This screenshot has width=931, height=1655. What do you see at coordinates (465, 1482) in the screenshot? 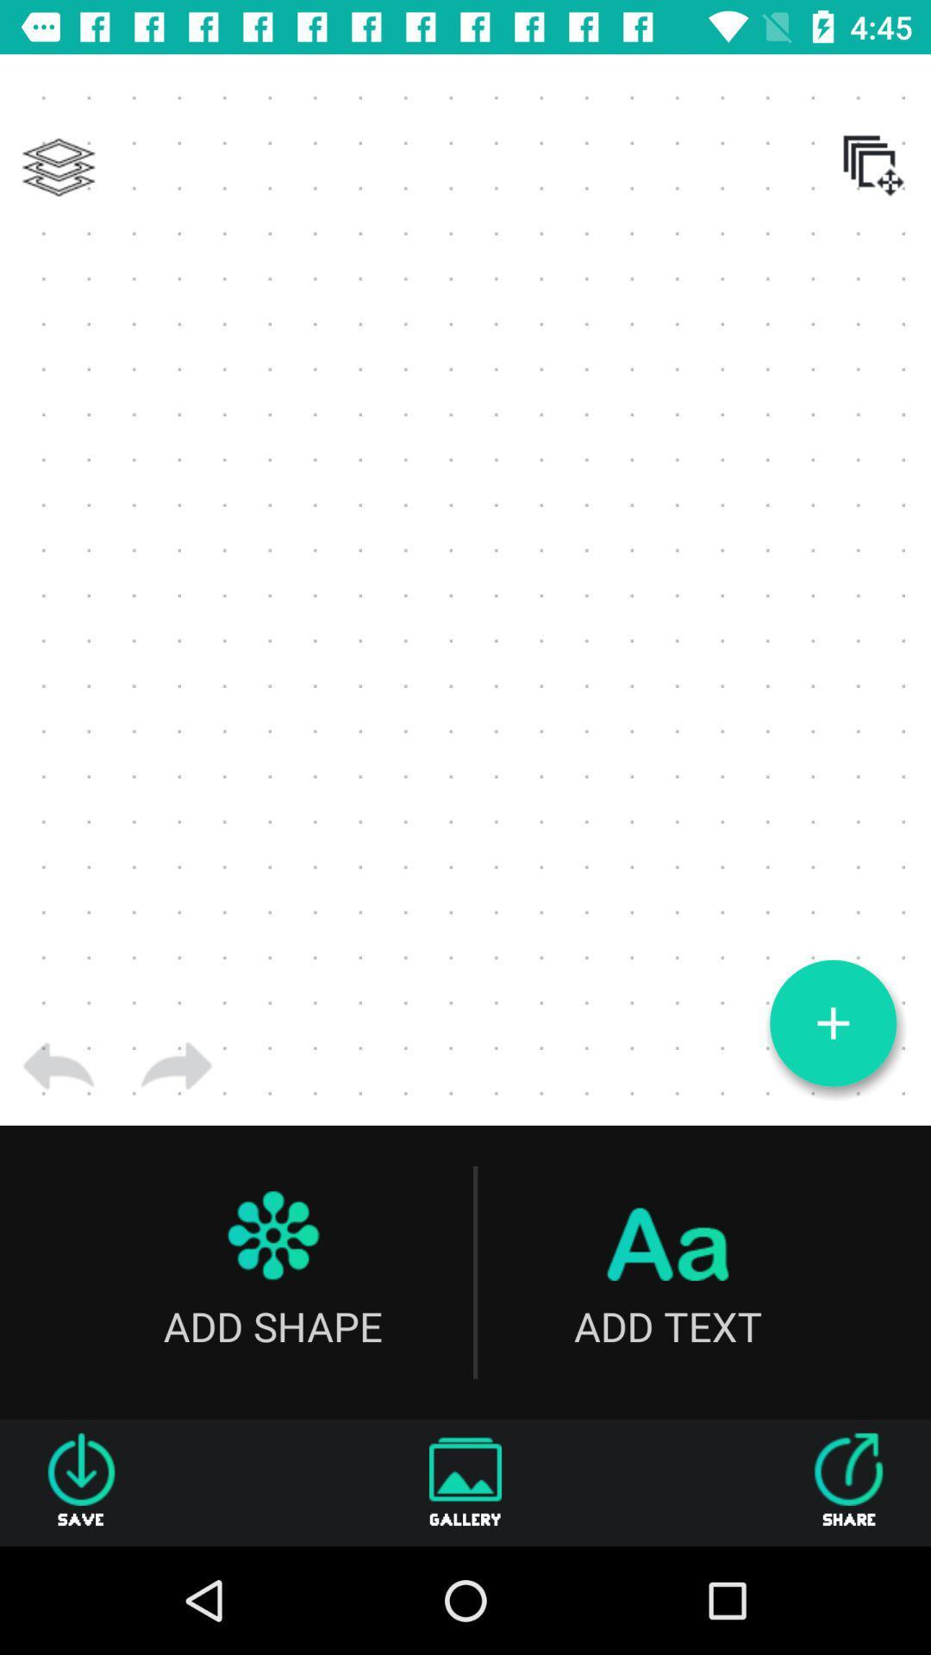
I see `icon next to save icon` at bounding box center [465, 1482].